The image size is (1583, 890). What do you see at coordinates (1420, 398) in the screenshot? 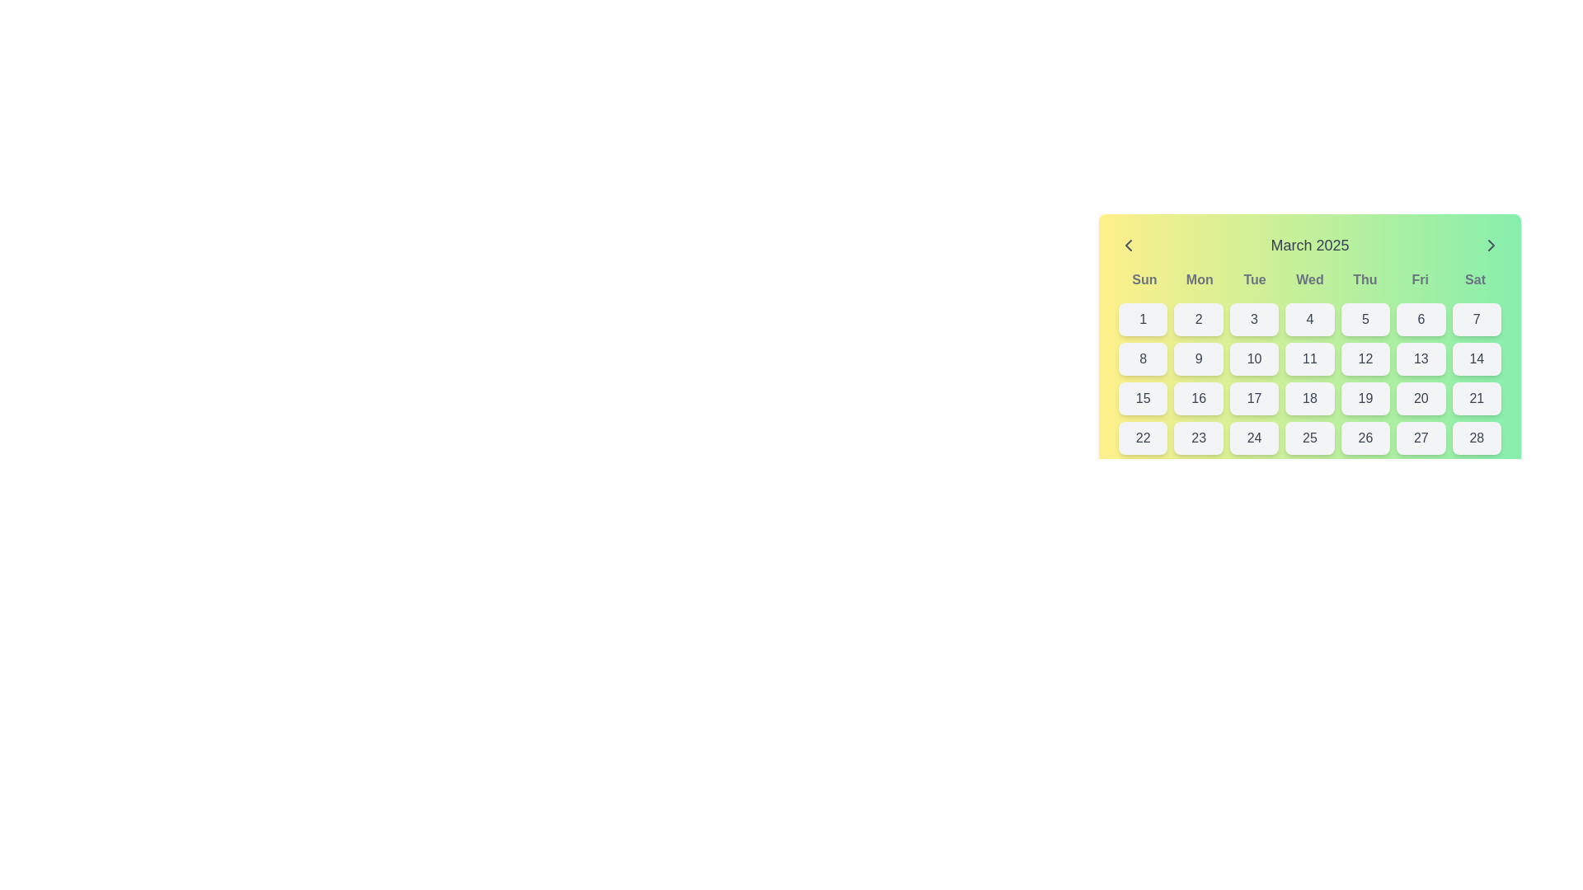
I see `the button representing the date of the 20th on the calendar interface` at bounding box center [1420, 398].